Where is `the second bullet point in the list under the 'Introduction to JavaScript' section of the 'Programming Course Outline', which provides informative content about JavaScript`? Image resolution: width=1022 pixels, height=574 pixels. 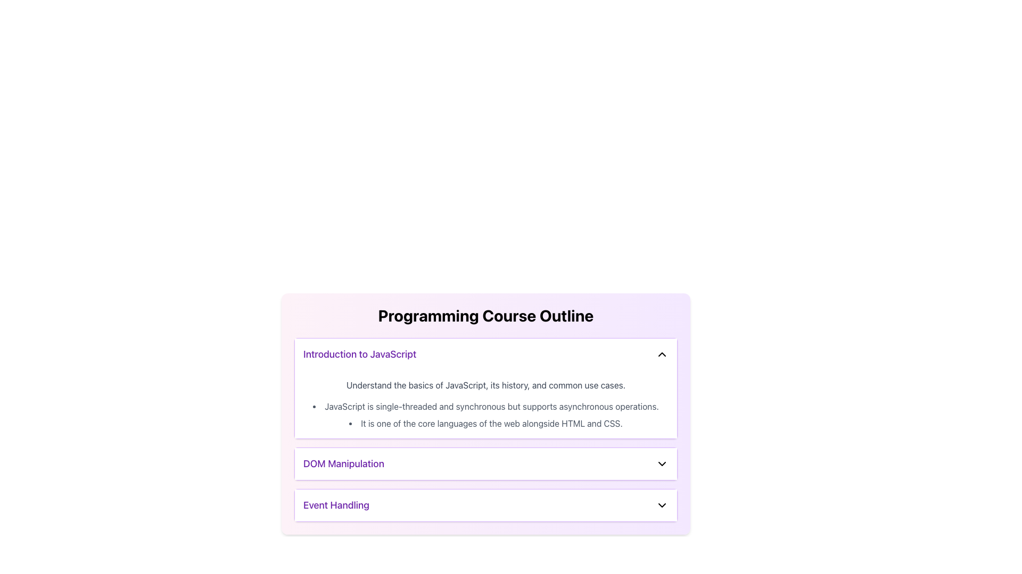
the second bullet point in the list under the 'Introduction to JavaScript' section of the 'Programming Course Outline', which provides informative content about JavaScript is located at coordinates (485, 423).